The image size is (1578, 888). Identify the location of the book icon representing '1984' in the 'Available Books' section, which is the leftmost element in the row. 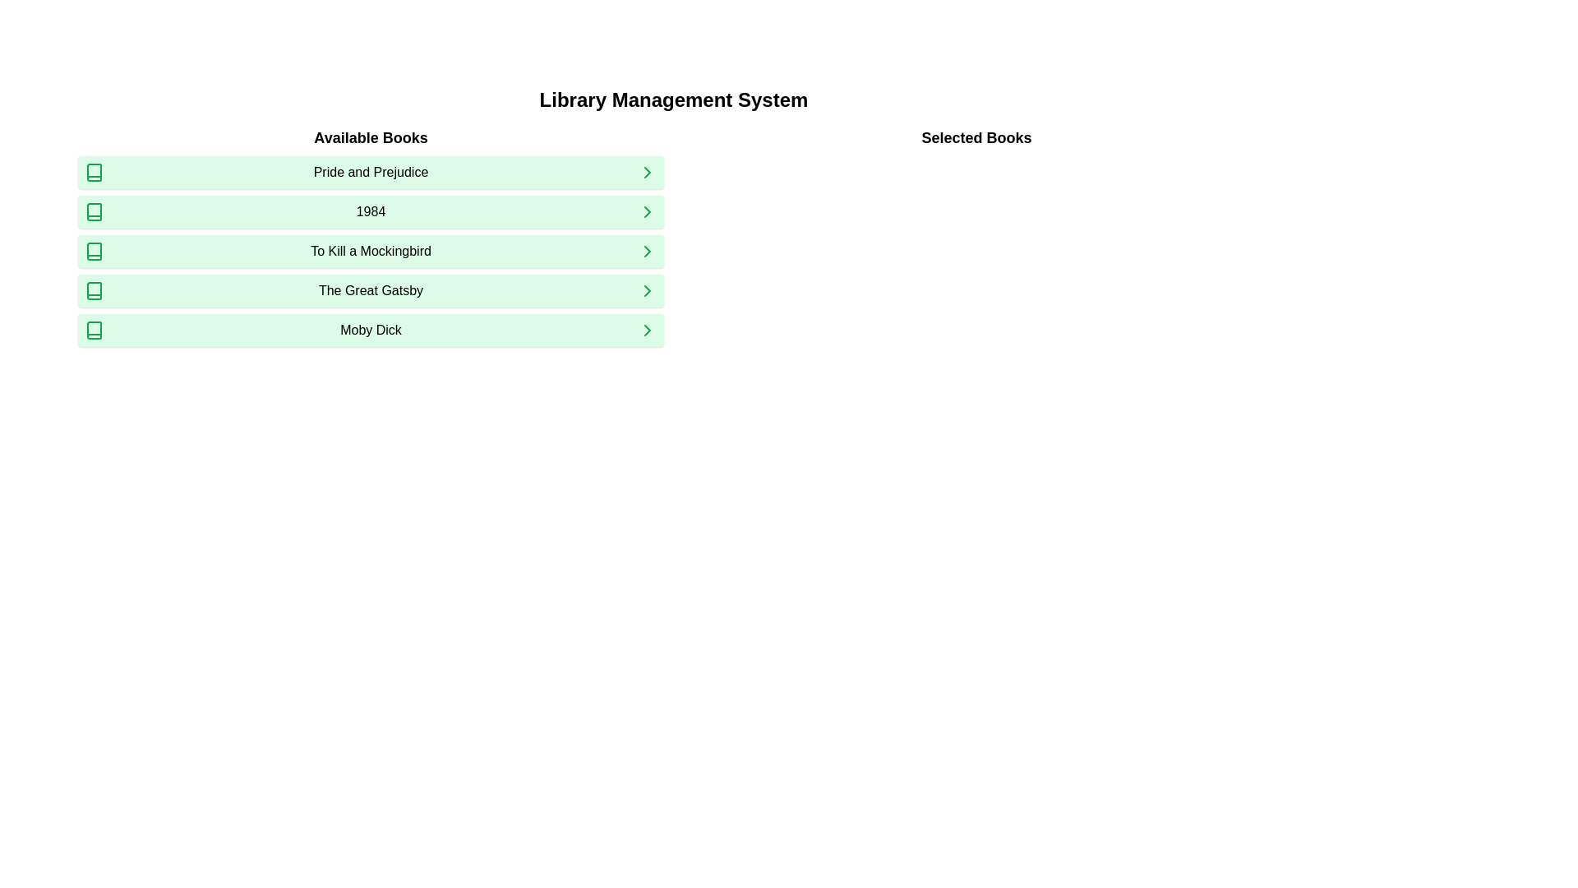
(94, 211).